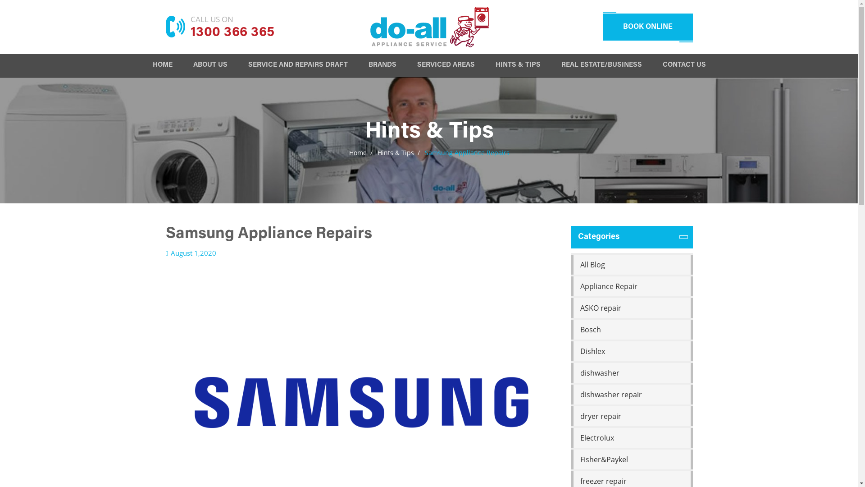 This screenshot has width=865, height=487. I want to click on 'Fisher&Paykel', so click(631, 459).